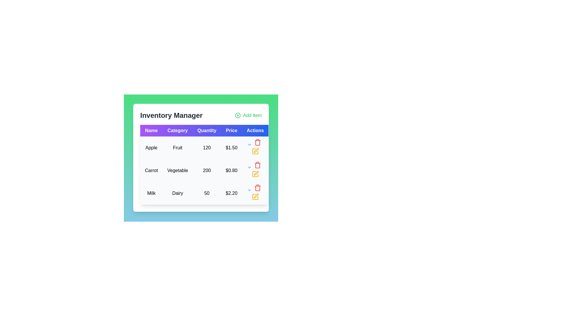 This screenshot has height=315, width=561. What do you see at coordinates (151, 193) in the screenshot?
I see `text content of the table cell displaying the inventory item name 'Milk', located in the third row, first column of the table` at bounding box center [151, 193].